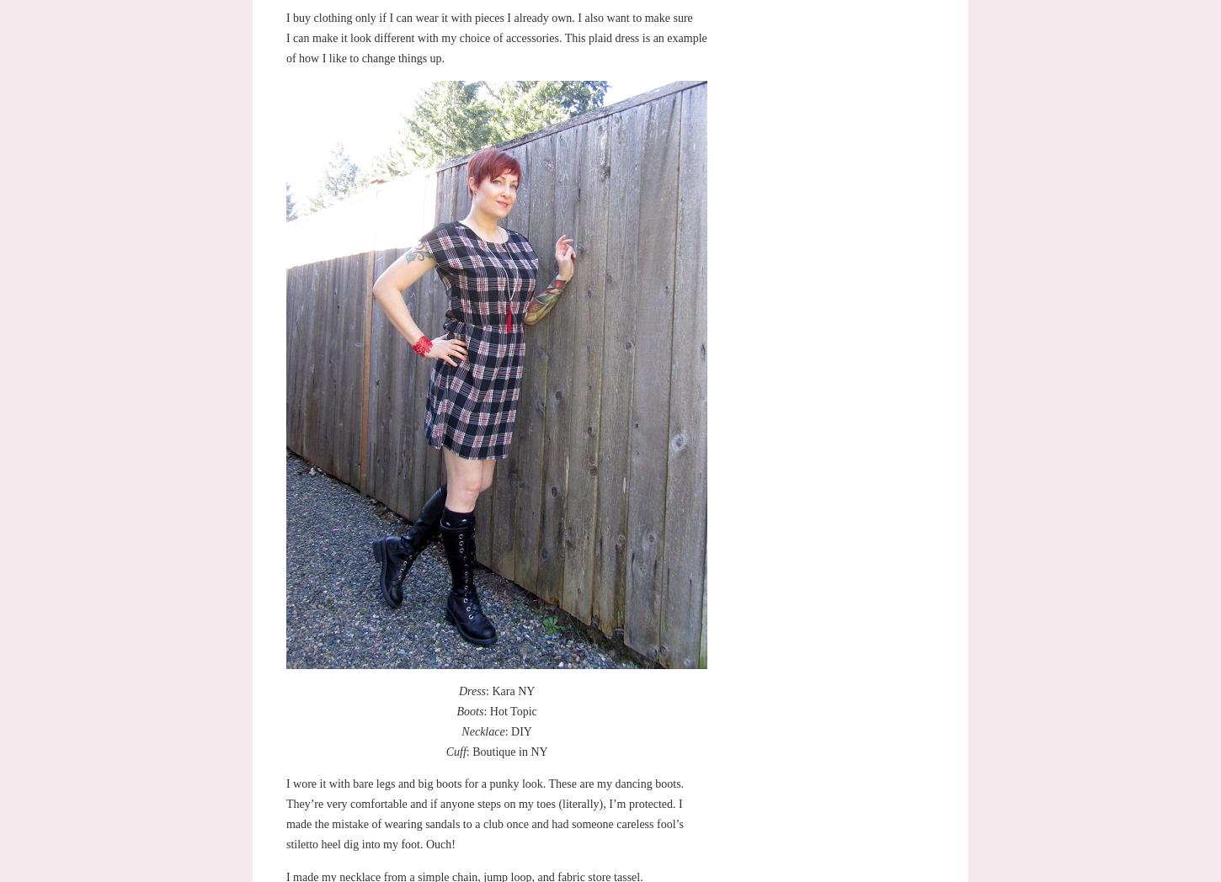 This screenshot has width=1221, height=882. Describe the element at coordinates (285, 36) in the screenshot. I see `'I buy clothing only if I can wear it with pieces I already own. I also want to make sure I can make it look different with my choice of accessories. This plaid dress is an example of how I like to change things up.'` at that location.